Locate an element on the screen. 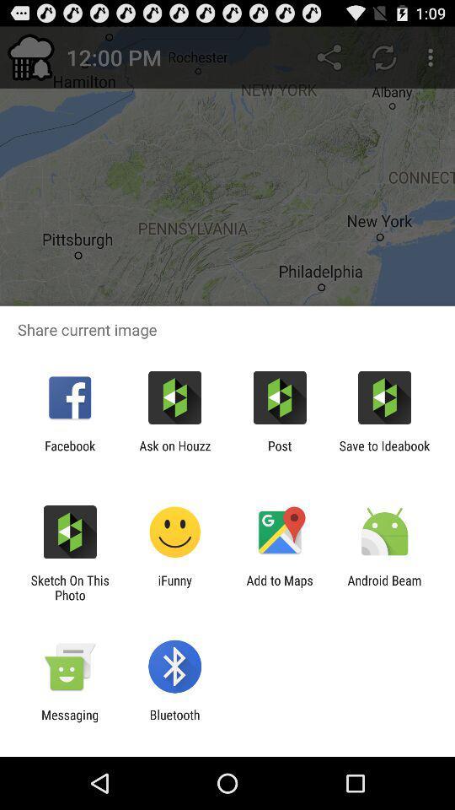 The image size is (455, 810). the icon next to save to ideabook app is located at coordinates (280, 452).